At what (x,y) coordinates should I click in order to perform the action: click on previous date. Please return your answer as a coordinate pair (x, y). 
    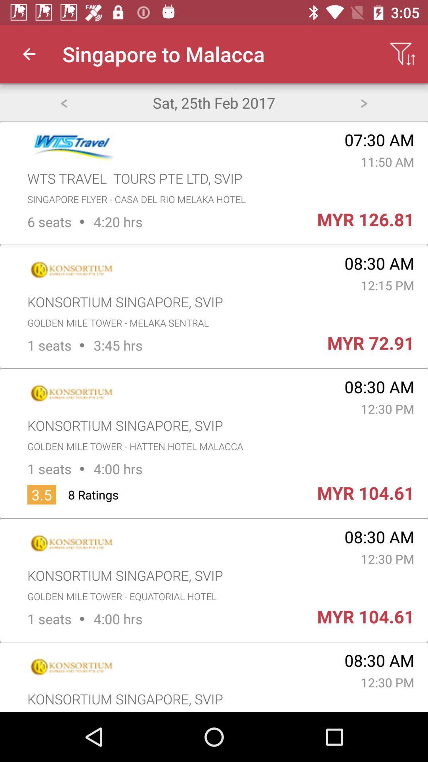
    Looking at the image, I should click on (63, 102).